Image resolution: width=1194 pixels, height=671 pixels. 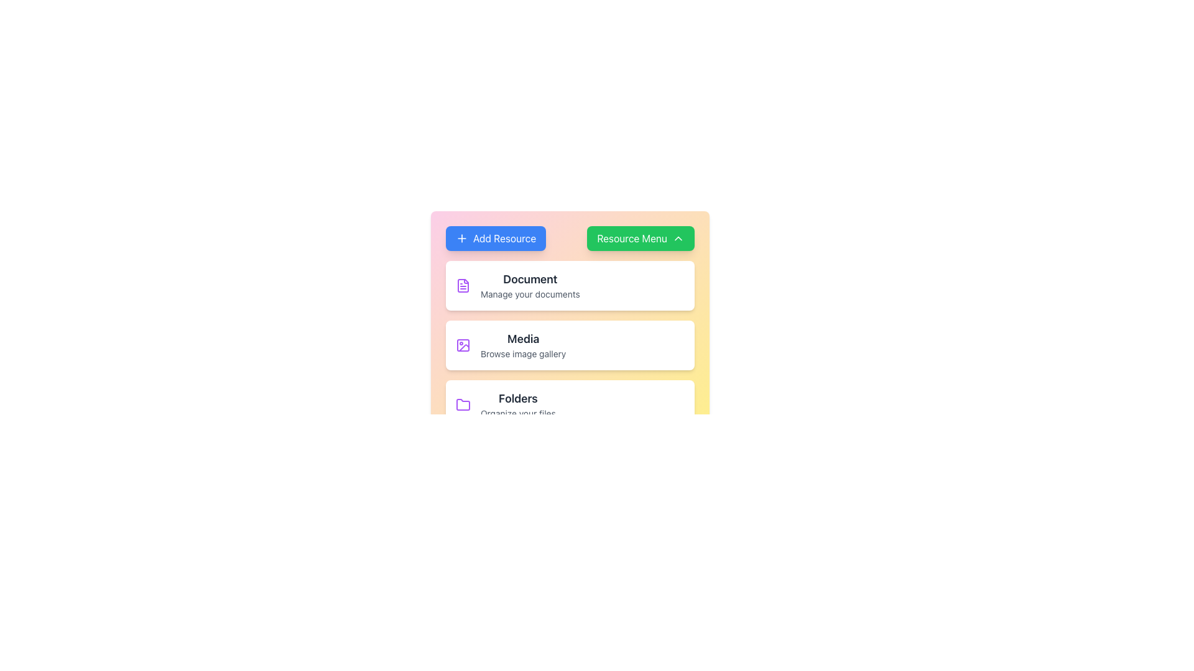 I want to click on the upward-pointing chevron icon located to the right of the 'Resource Menu' text, so click(x=677, y=239).